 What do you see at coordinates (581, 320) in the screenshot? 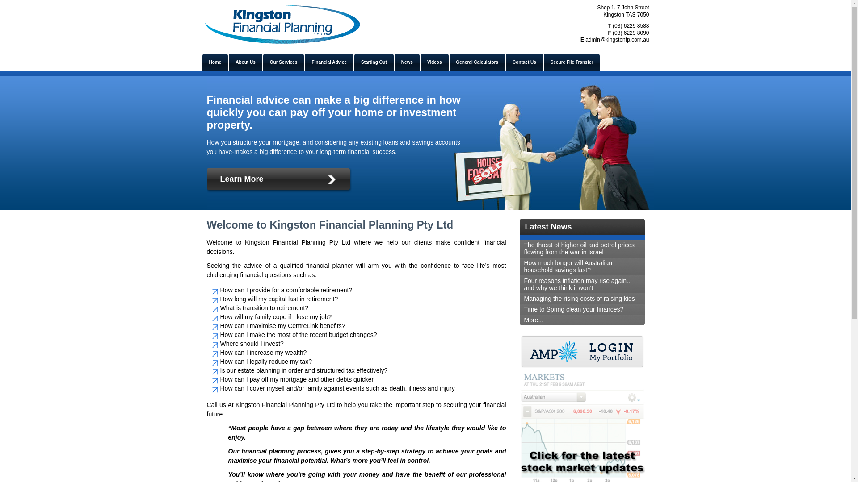
I see `'More...'` at bounding box center [581, 320].